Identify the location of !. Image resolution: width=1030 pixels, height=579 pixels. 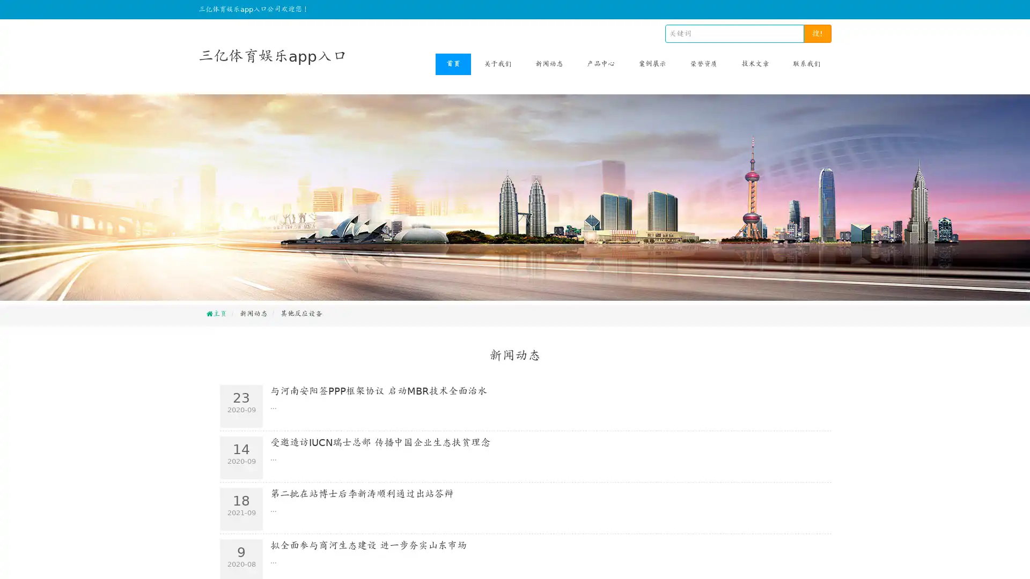
(817, 33).